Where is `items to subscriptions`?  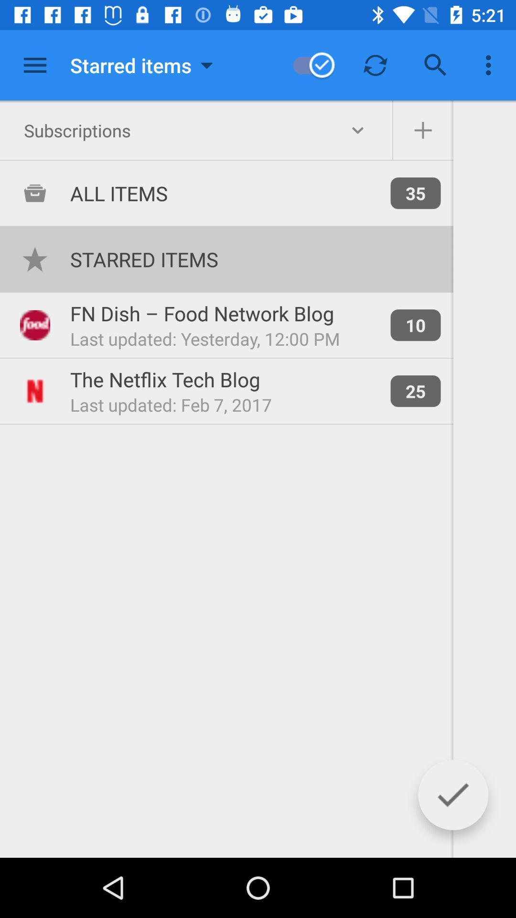 items to subscriptions is located at coordinates (422, 130).